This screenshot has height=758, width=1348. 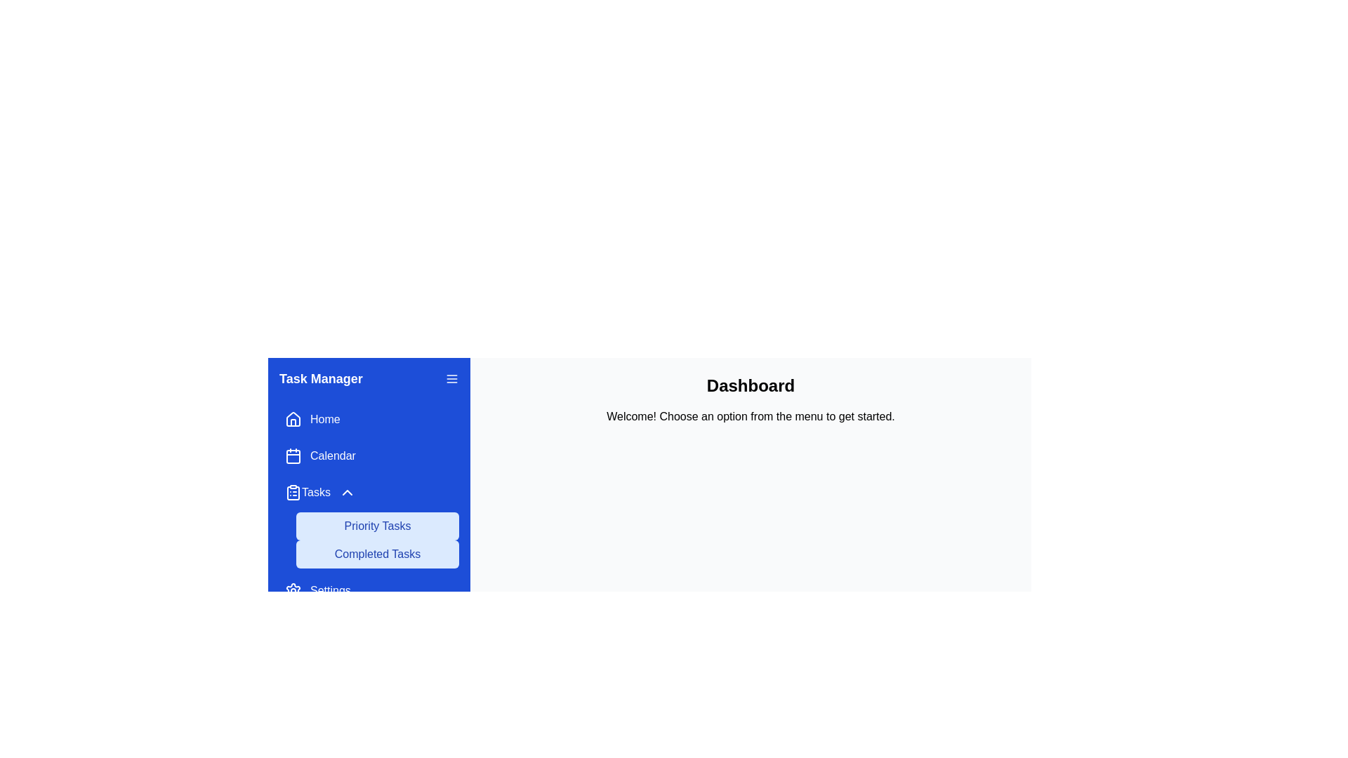 I want to click on the third menu item button that navigates to the Tasks section, so click(x=307, y=492).